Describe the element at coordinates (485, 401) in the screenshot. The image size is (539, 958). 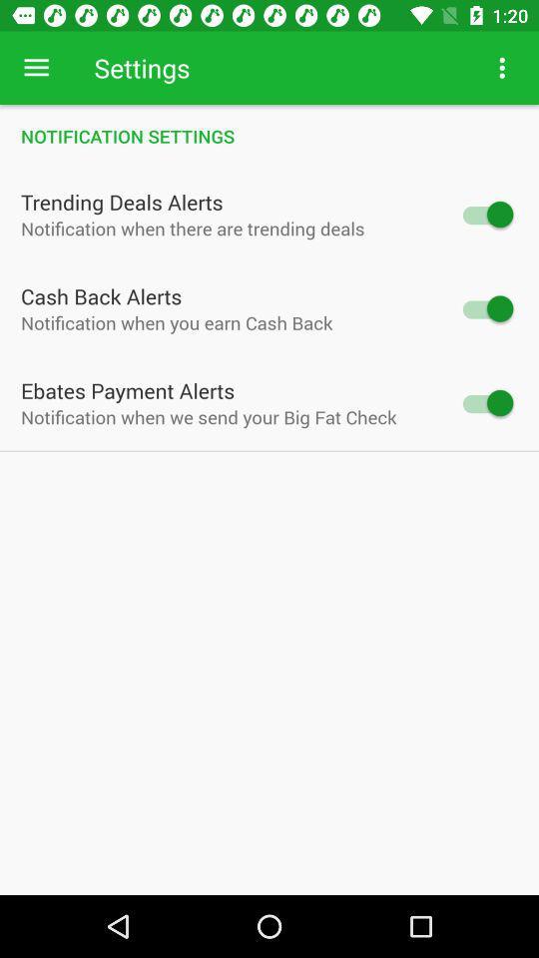
I see `the last button of the page` at that location.